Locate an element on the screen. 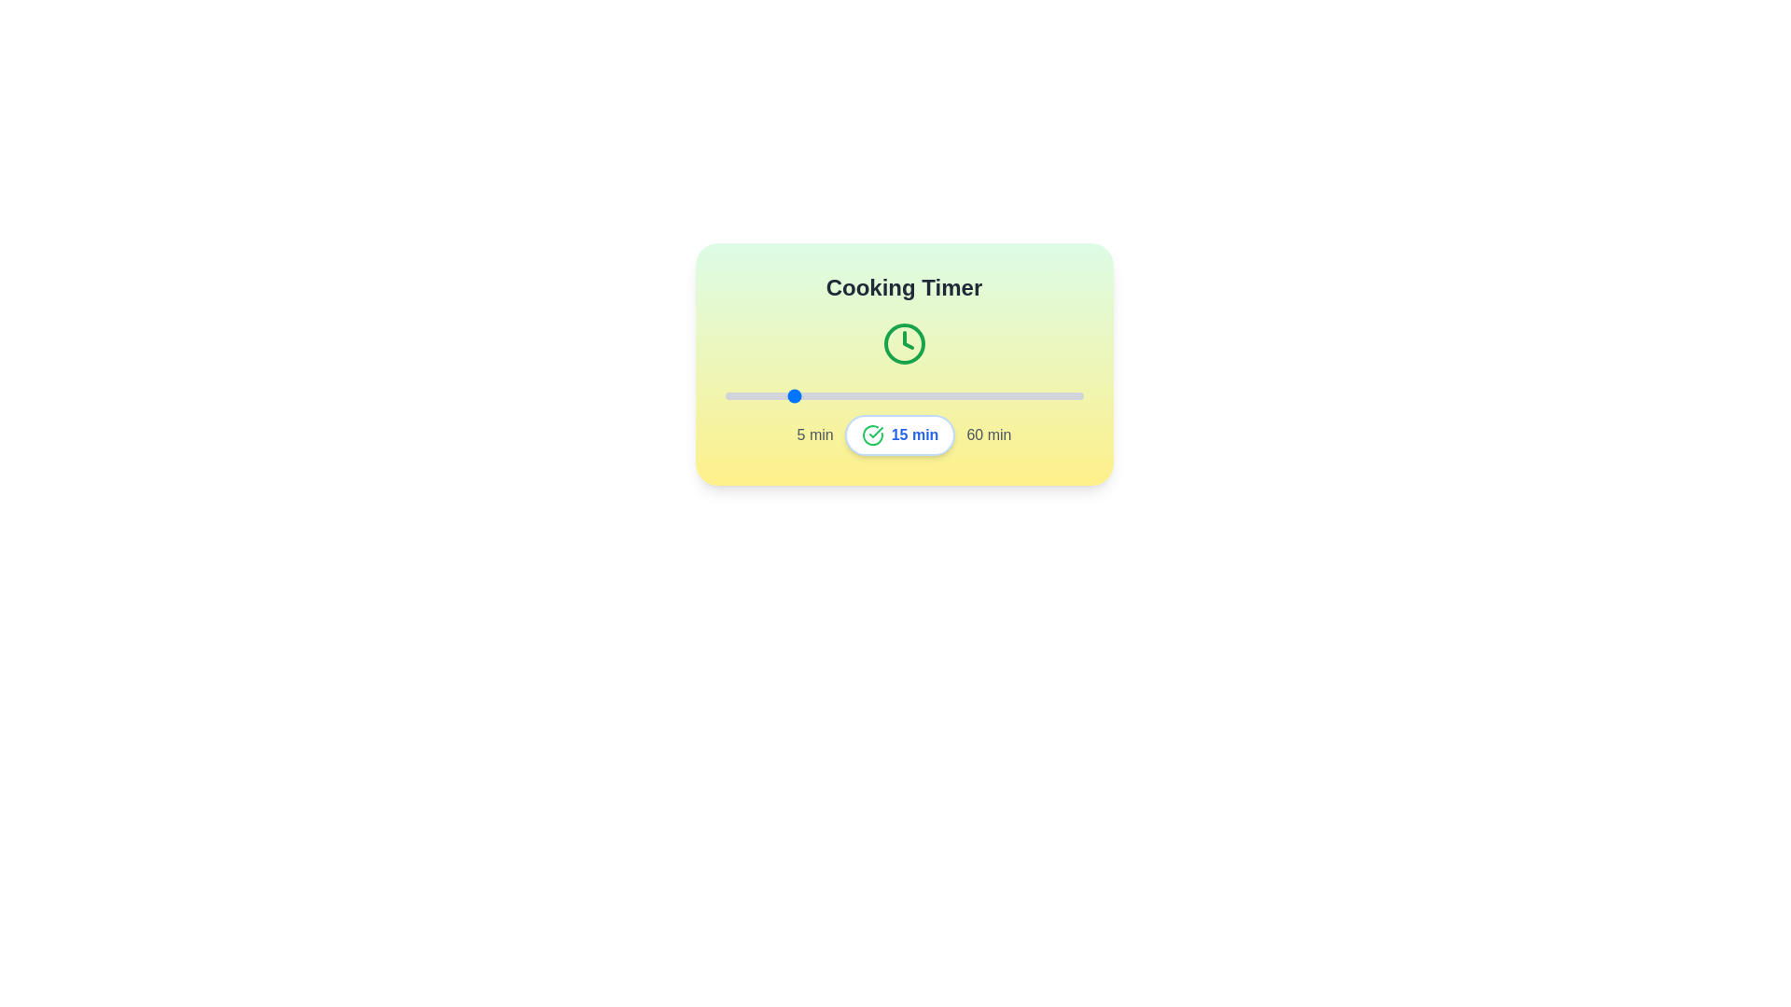 Image resolution: width=1791 pixels, height=1007 pixels. the timer is located at coordinates (854, 394).